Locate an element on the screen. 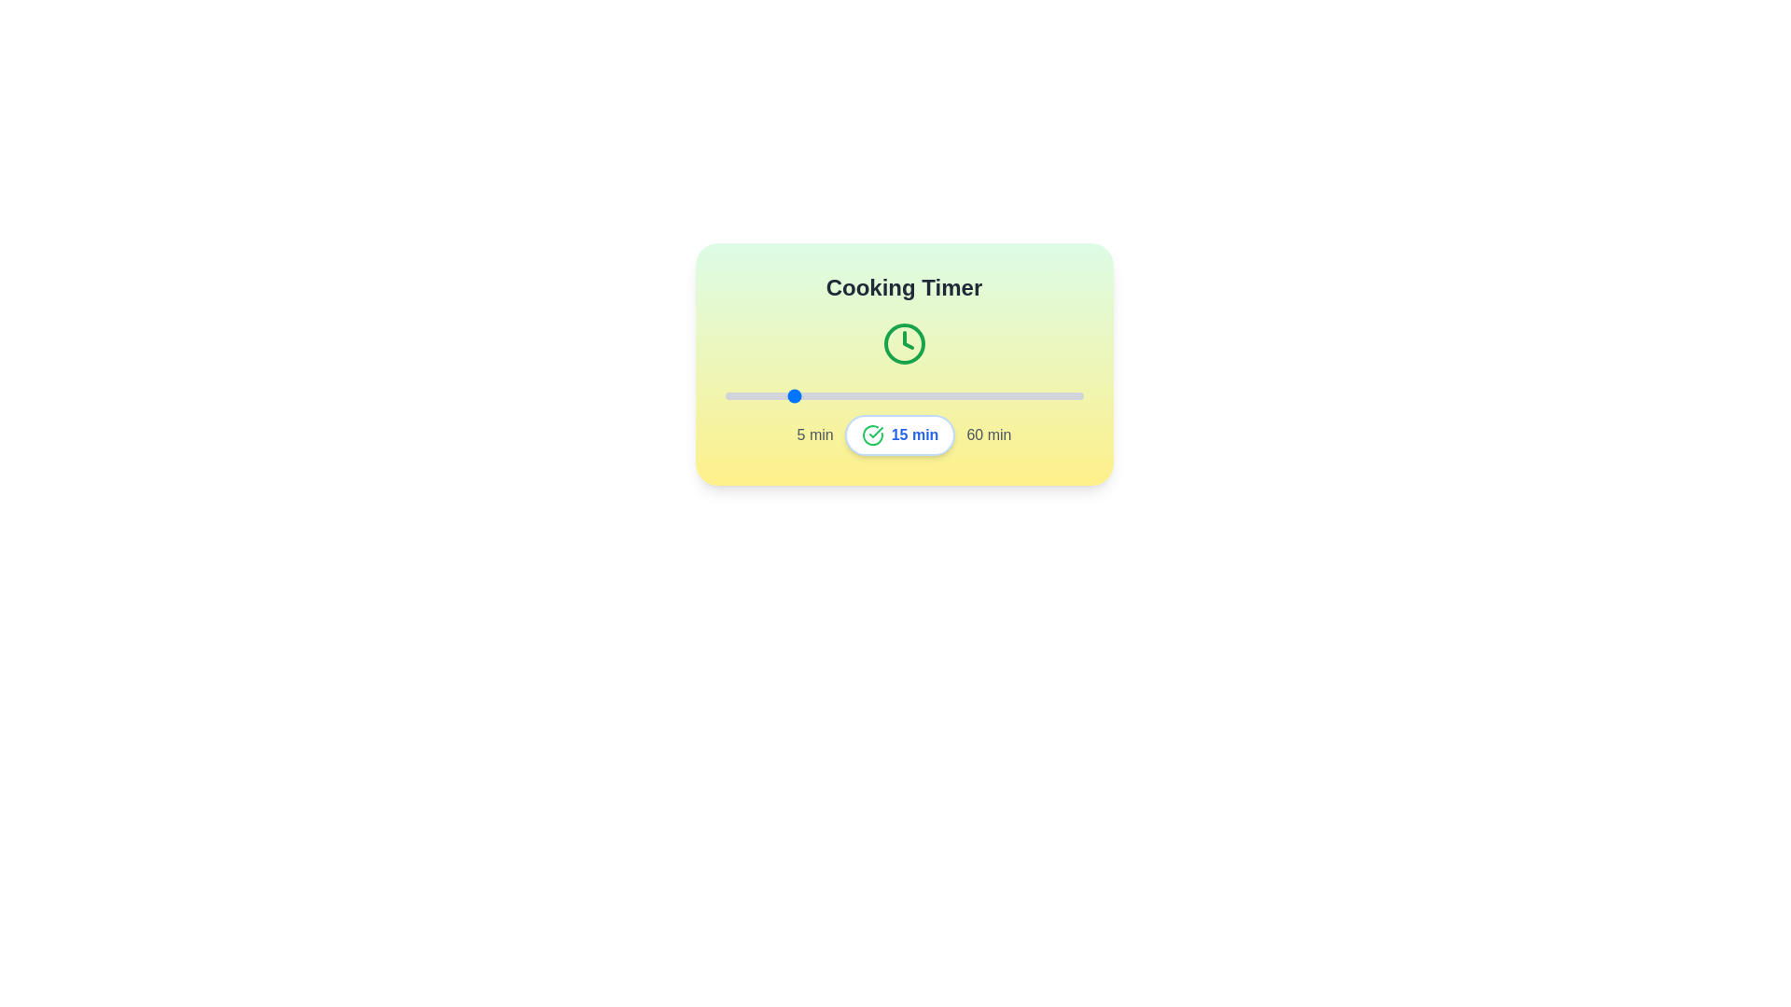 Image resolution: width=1791 pixels, height=1007 pixels. the timer is located at coordinates (854, 394).